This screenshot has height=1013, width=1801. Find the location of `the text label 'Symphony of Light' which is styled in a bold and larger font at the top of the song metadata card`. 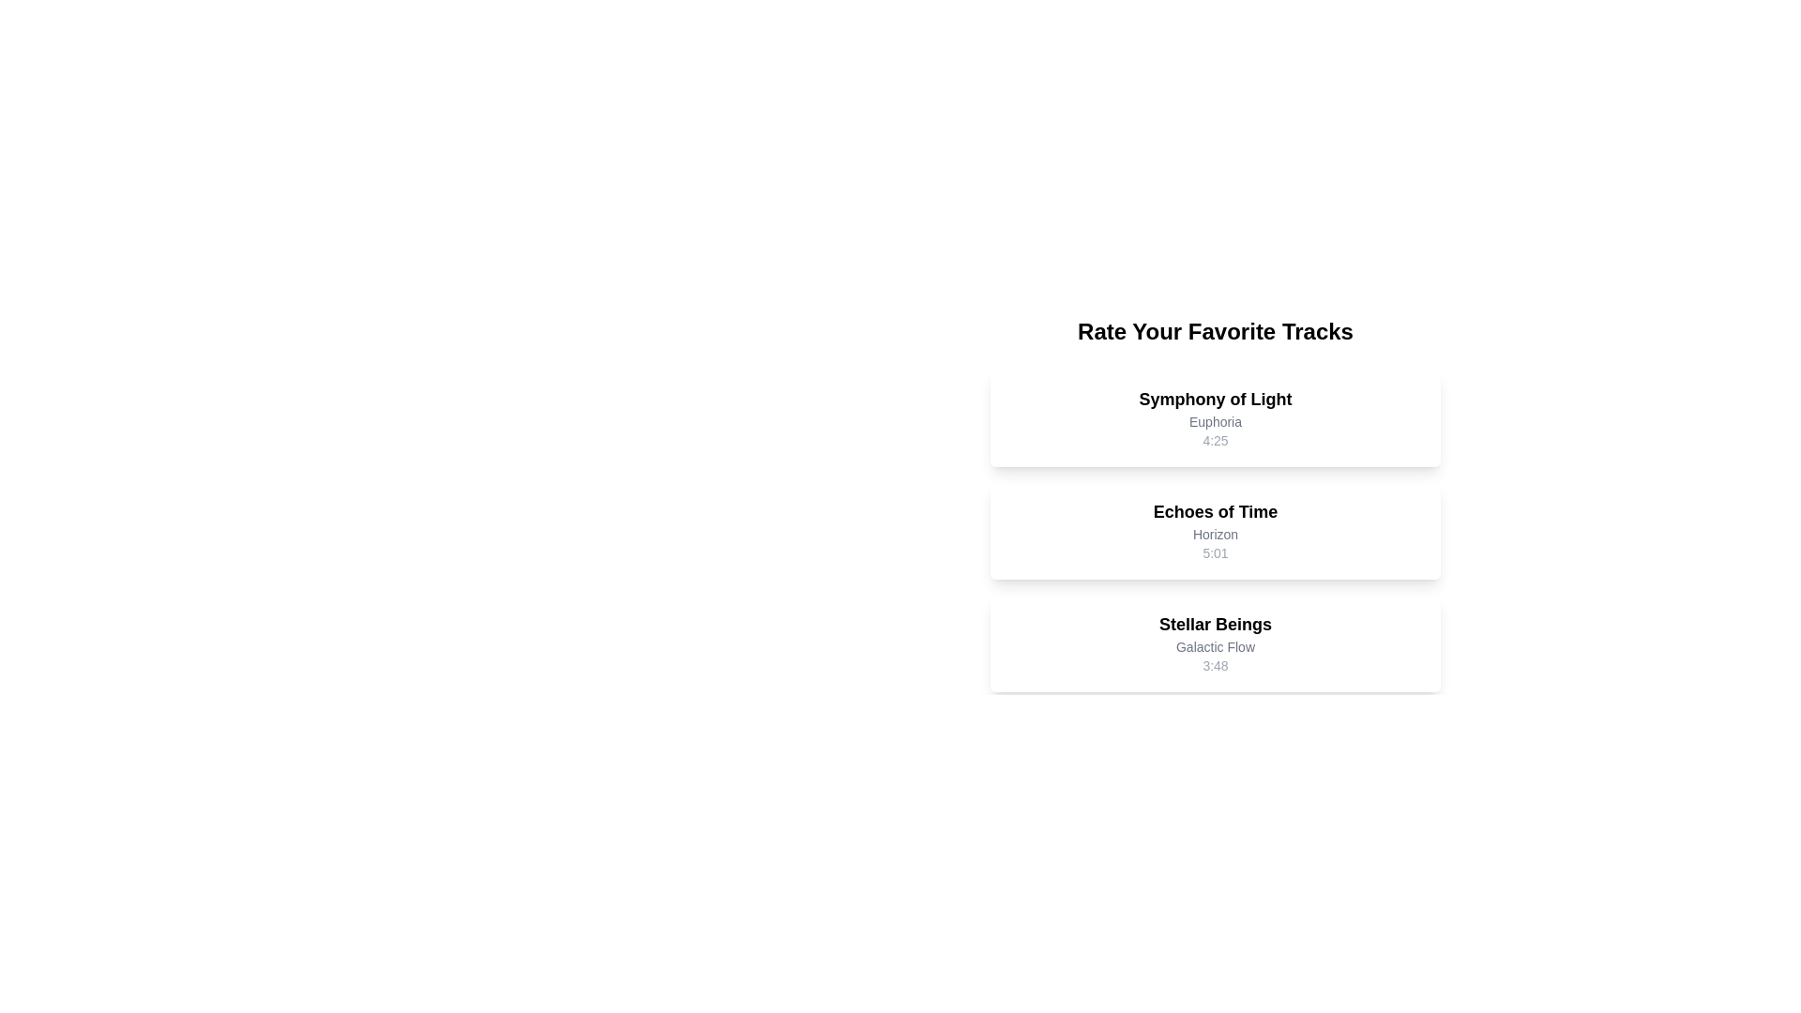

the text label 'Symphony of Light' which is styled in a bold and larger font at the top of the song metadata card is located at coordinates (1216, 398).